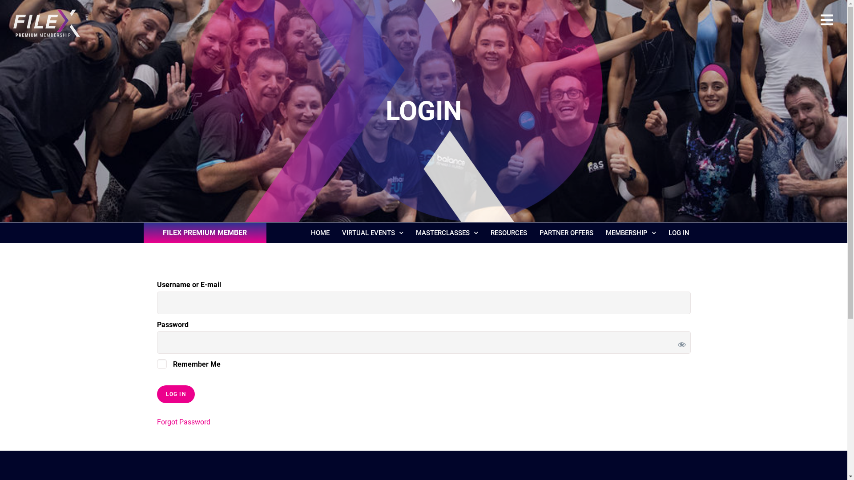 The width and height of the screenshot is (854, 480). Describe the element at coordinates (373, 232) in the screenshot. I see `'VIRTUAL EVENTS'` at that location.